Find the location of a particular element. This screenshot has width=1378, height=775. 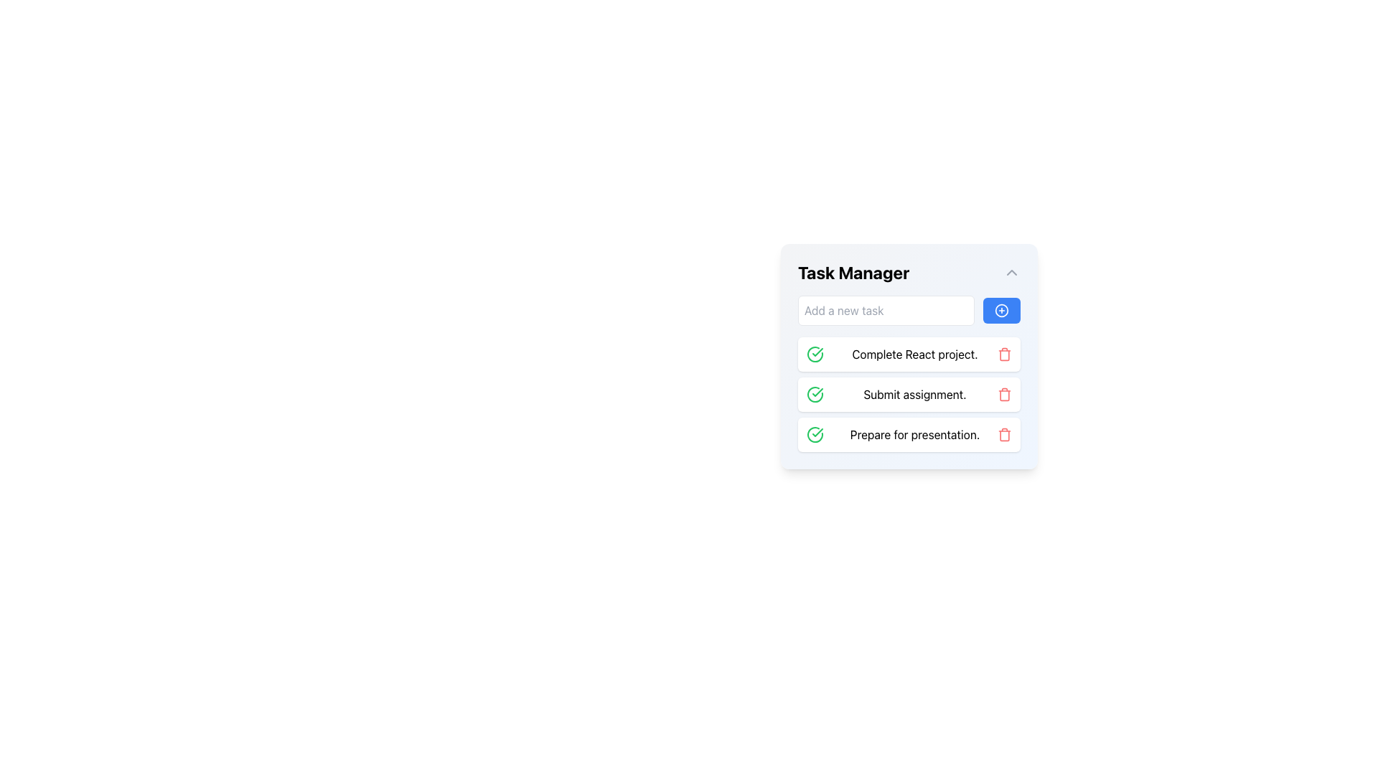

the circular icon with a green checkmark indicating completion, located on the left side of the task labeled 'Complete React project.' is located at coordinates (815, 354).